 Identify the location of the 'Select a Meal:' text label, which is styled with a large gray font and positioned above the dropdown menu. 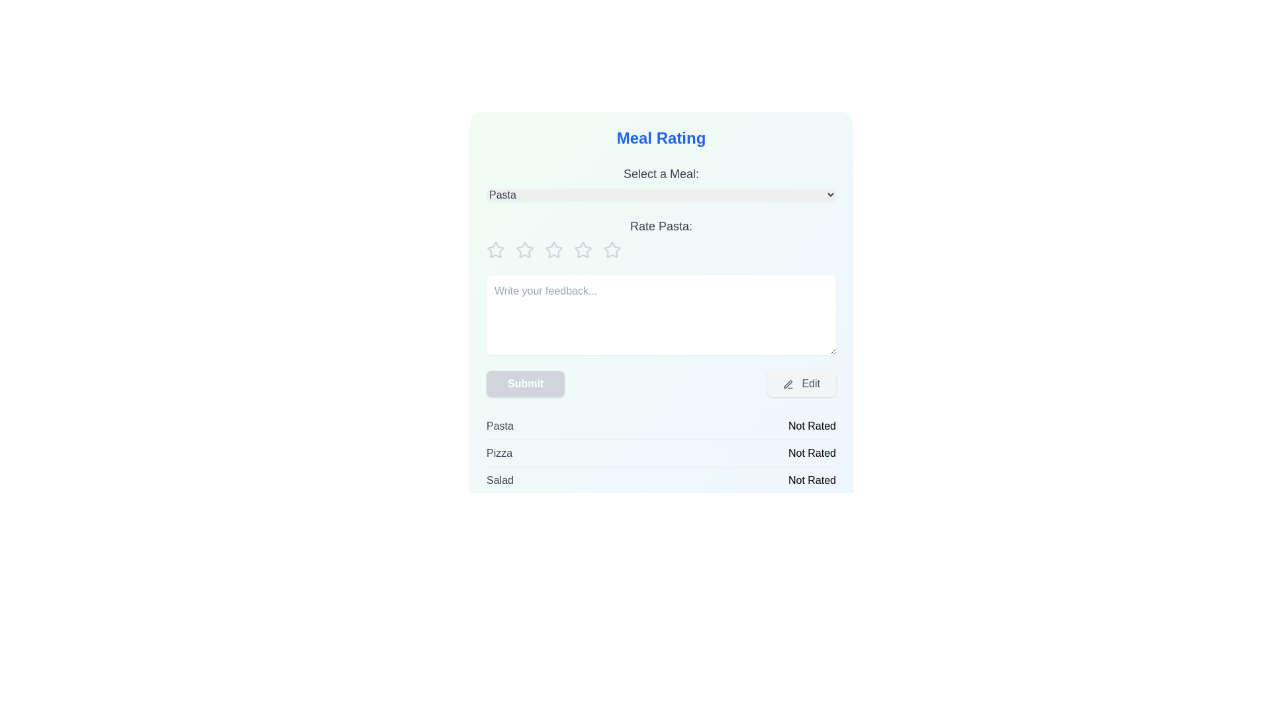
(661, 173).